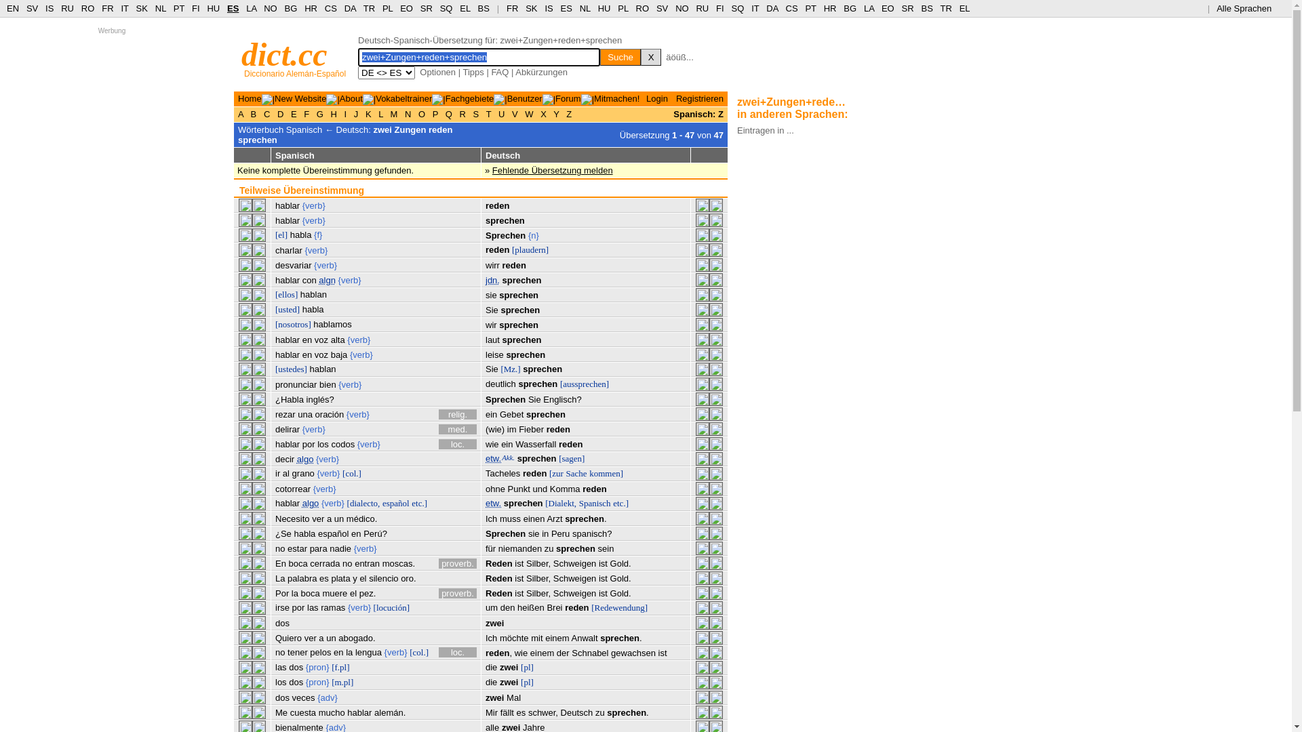 The image size is (1302, 732). I want to click on 'HU', so click(212, 8).